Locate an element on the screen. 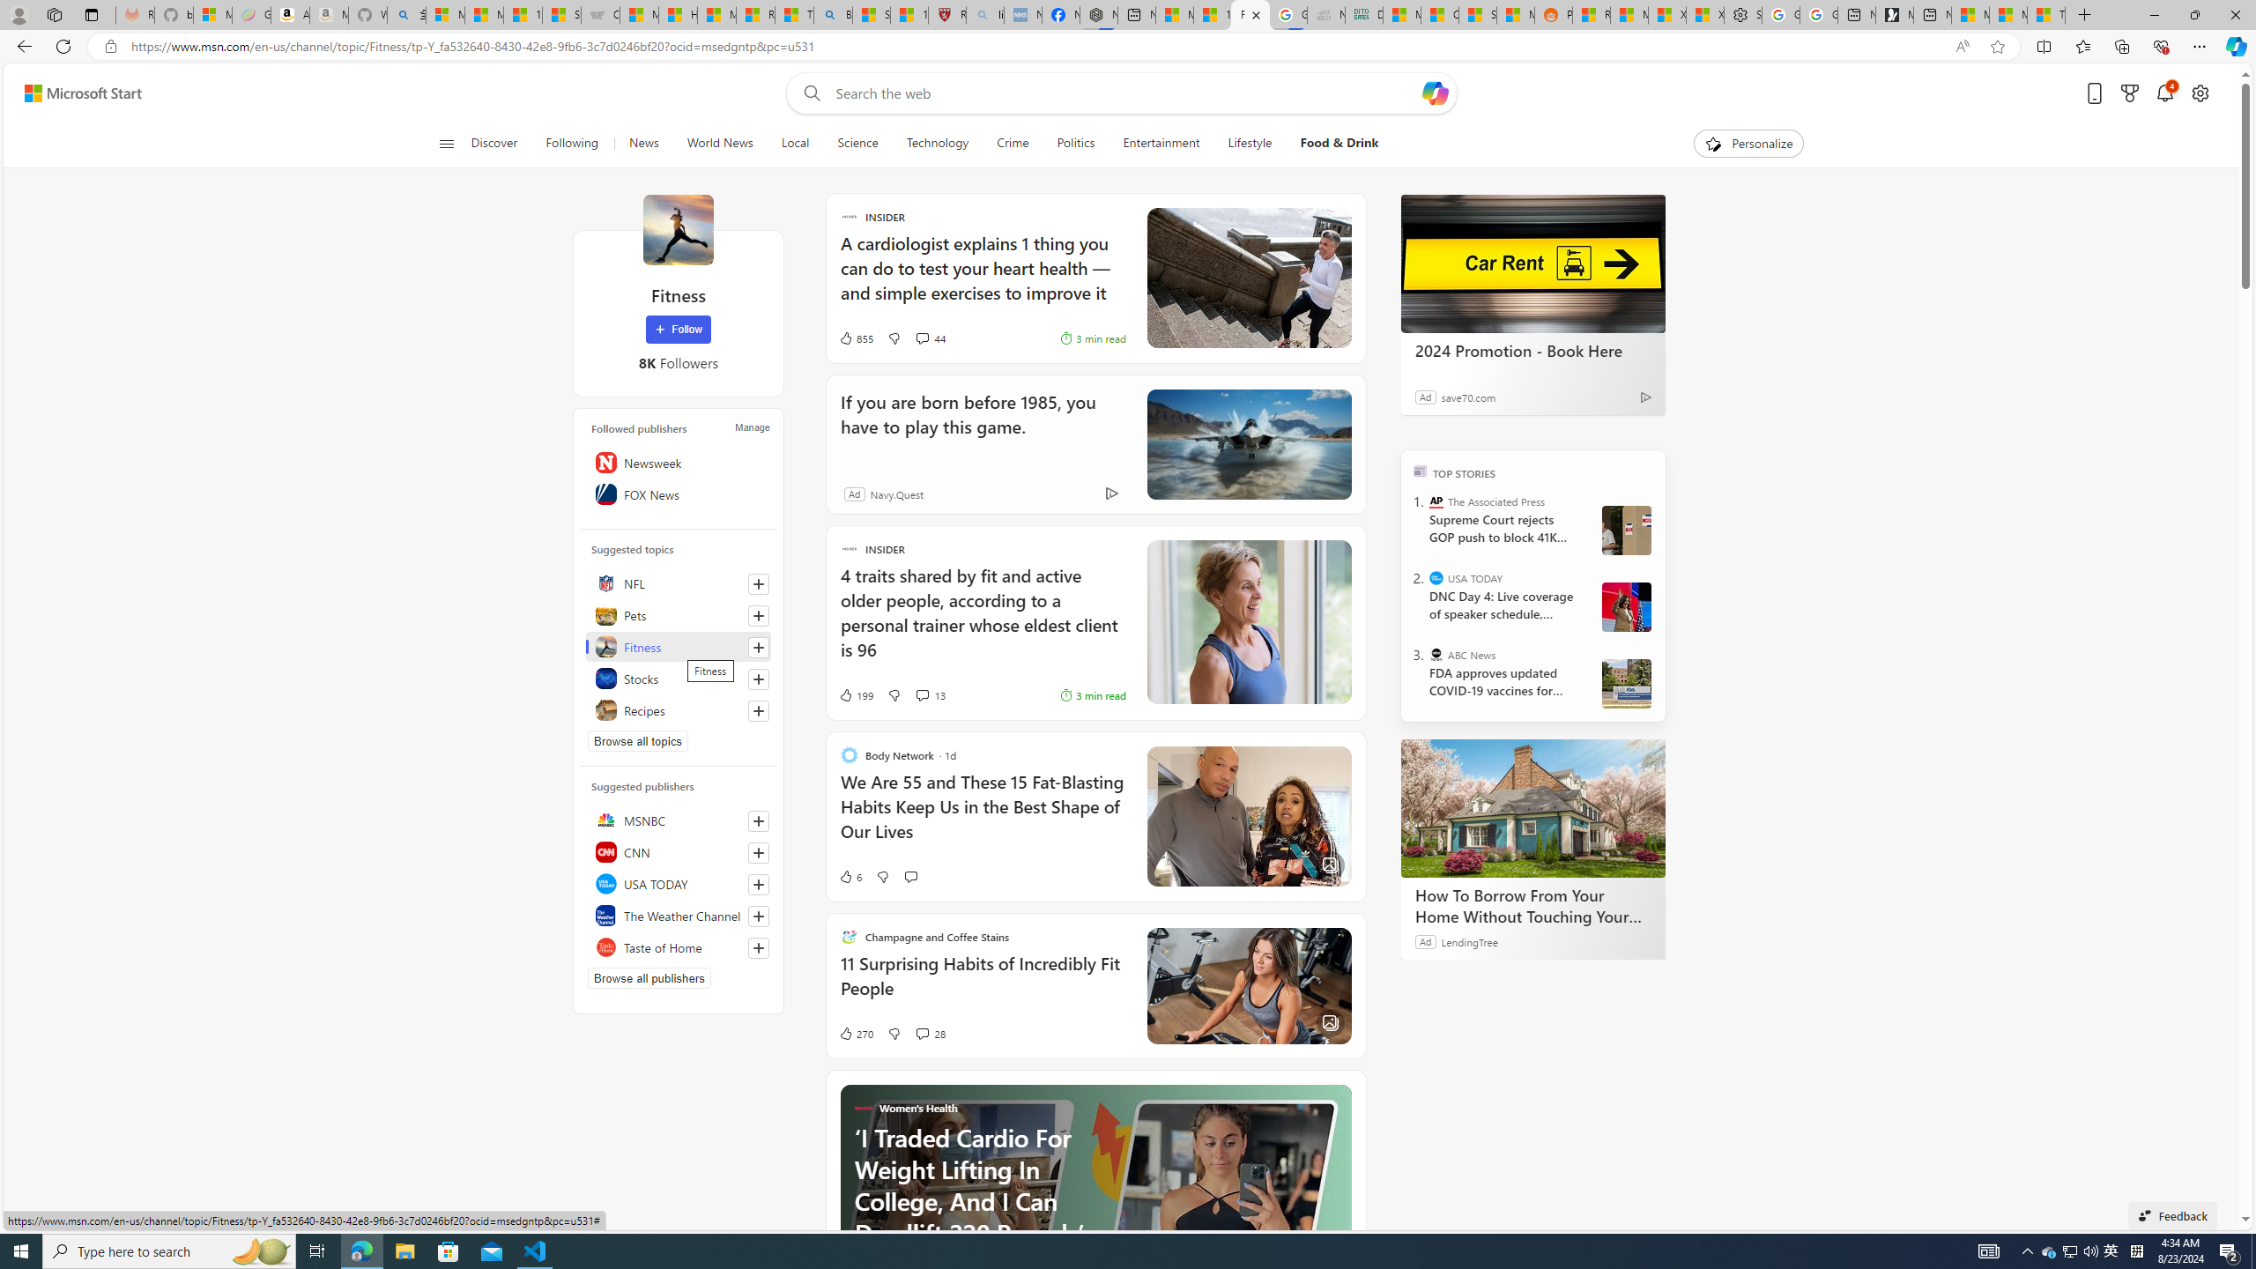 The image size is (2256, 1269). 'Fitness - MSN' is located at coordinates (1250, 14).